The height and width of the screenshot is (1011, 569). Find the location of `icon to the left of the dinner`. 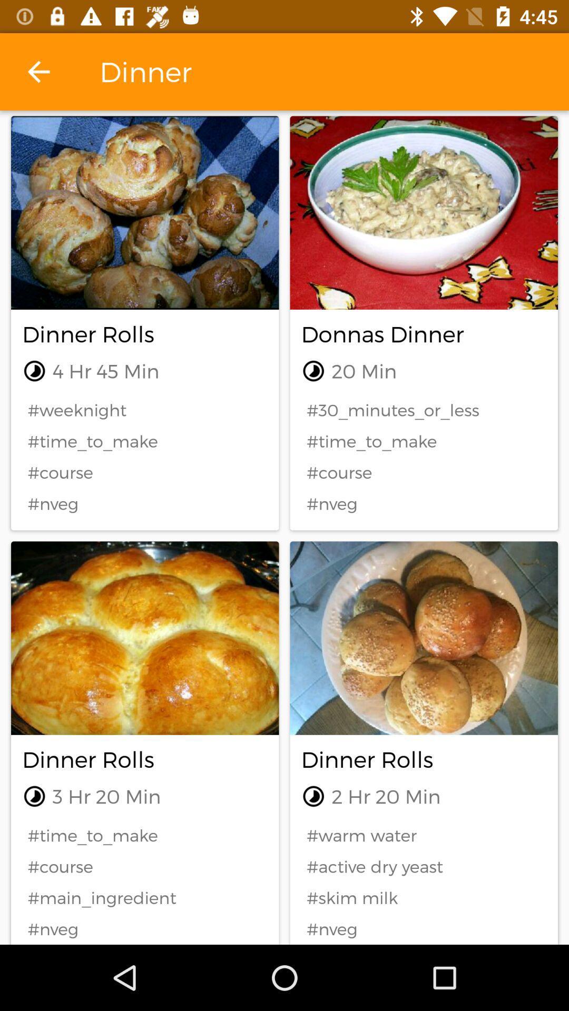

icon to the left of the dinner is located at coordinates (38, 71).